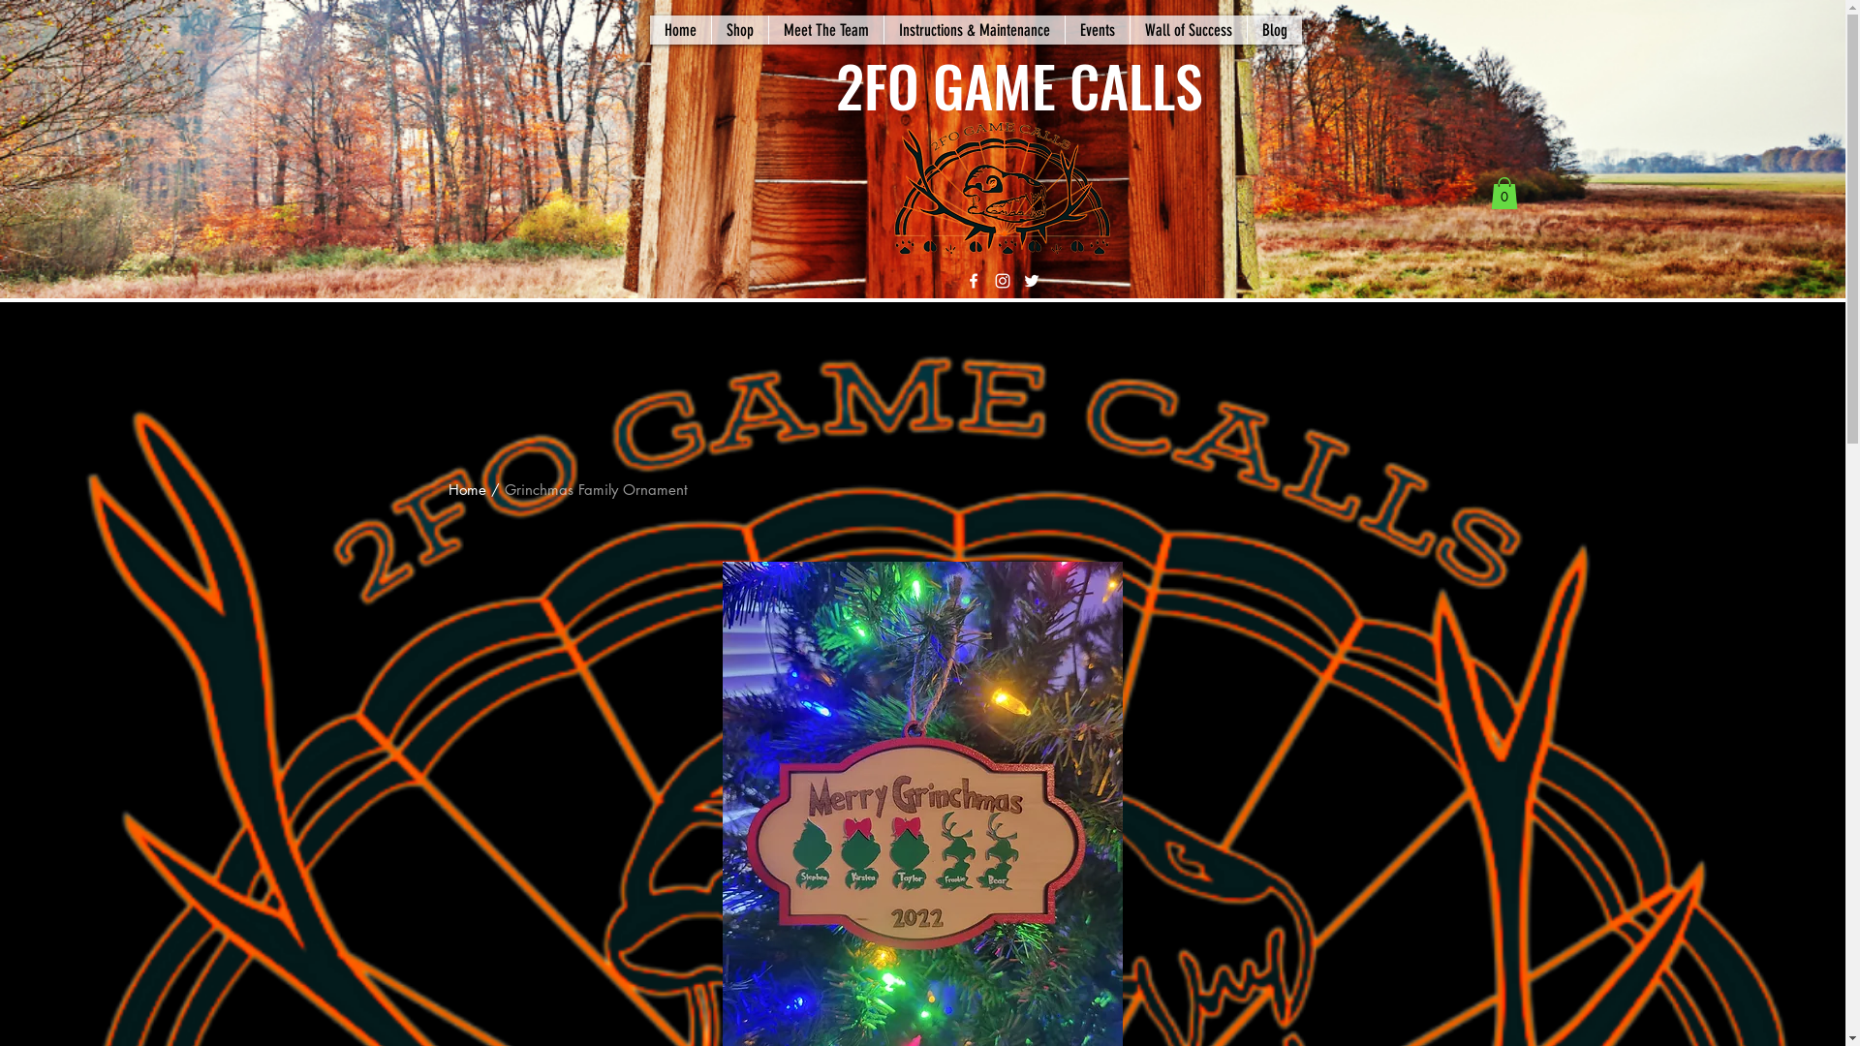  What do you see at coordinates (1274, 29) in the screenshot?
I see `'Blog'` at bounding box center [1274, 29].